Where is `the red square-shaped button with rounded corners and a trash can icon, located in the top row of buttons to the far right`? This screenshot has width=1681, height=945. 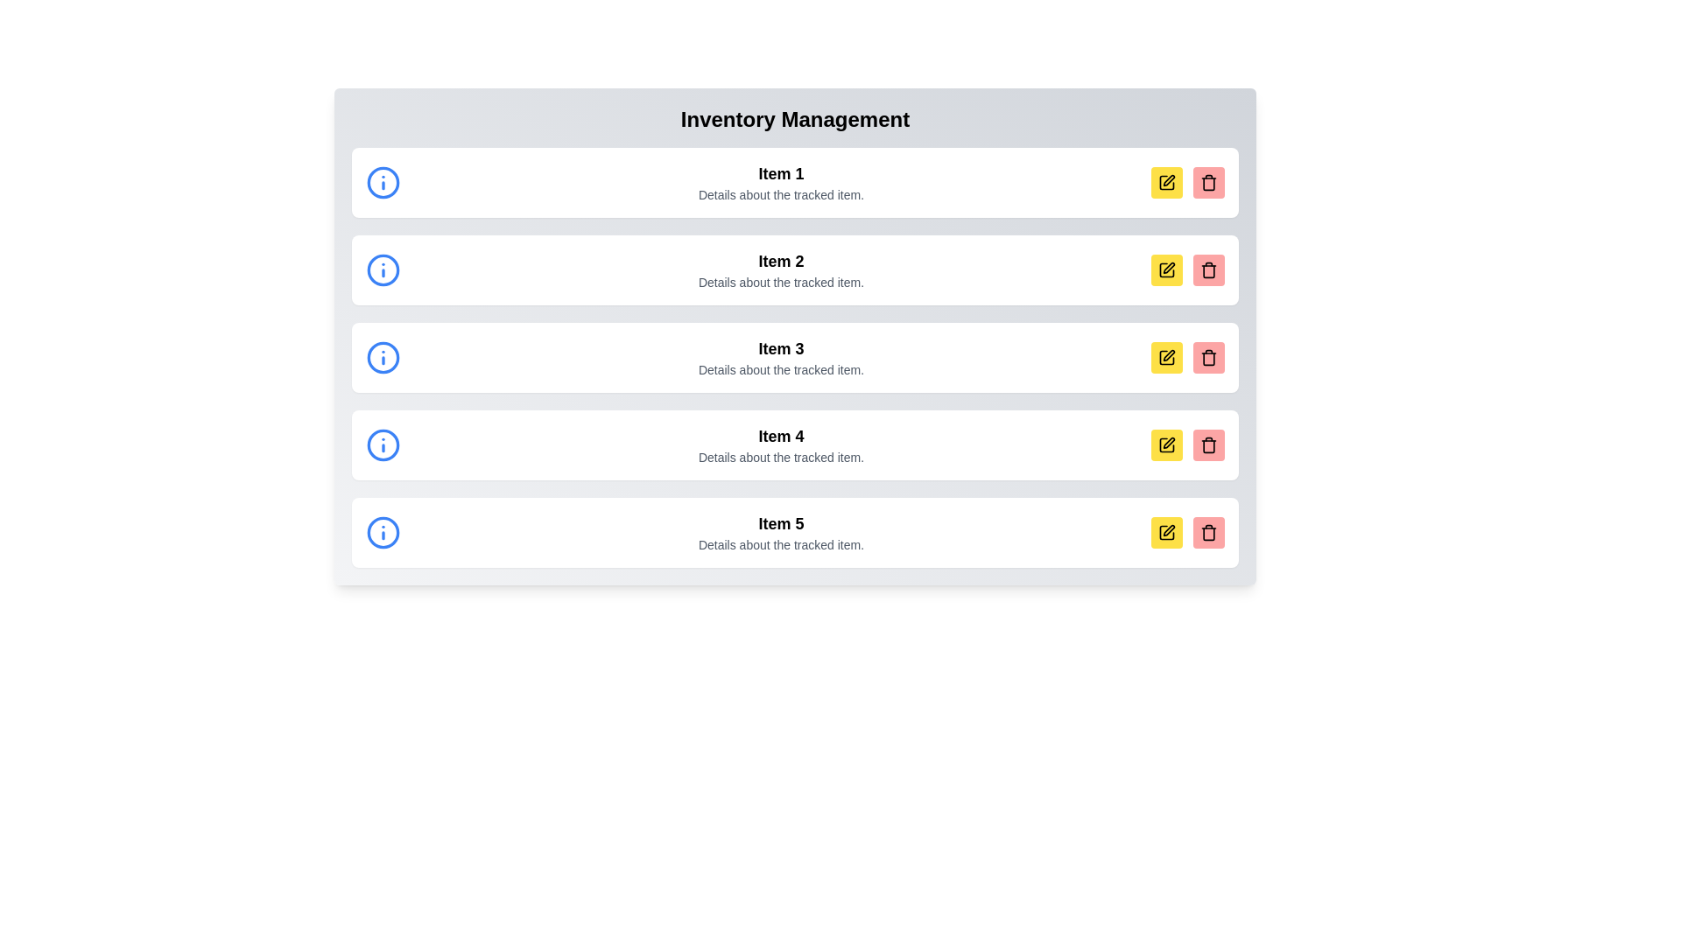 the red square-shaped button with rounded corners and a trash can icon, located in the top row of buttons to the far right is located at coordinates (1208, 182).